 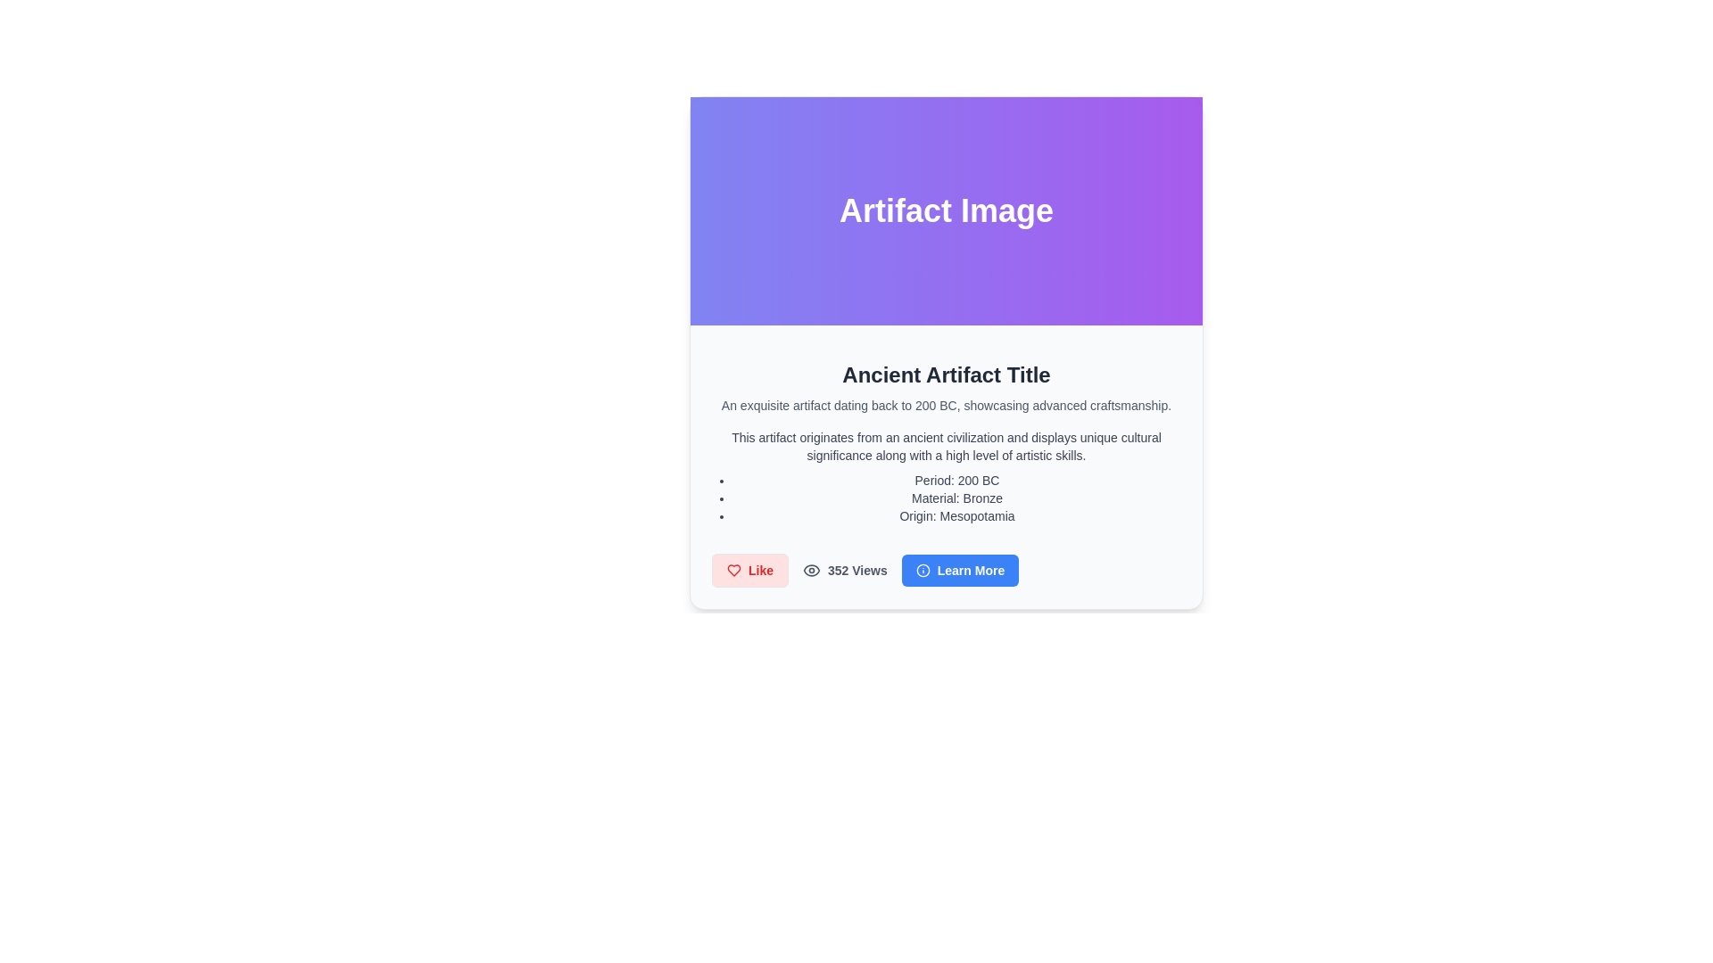 What do you see at coordinates (956, 498) in the screenshot?
I see `the text label displaying 'Material: Bronze', which is the second bullet point in the artifact details list, located below 'Period: 200 BC'` at bounding box center [956, 498].